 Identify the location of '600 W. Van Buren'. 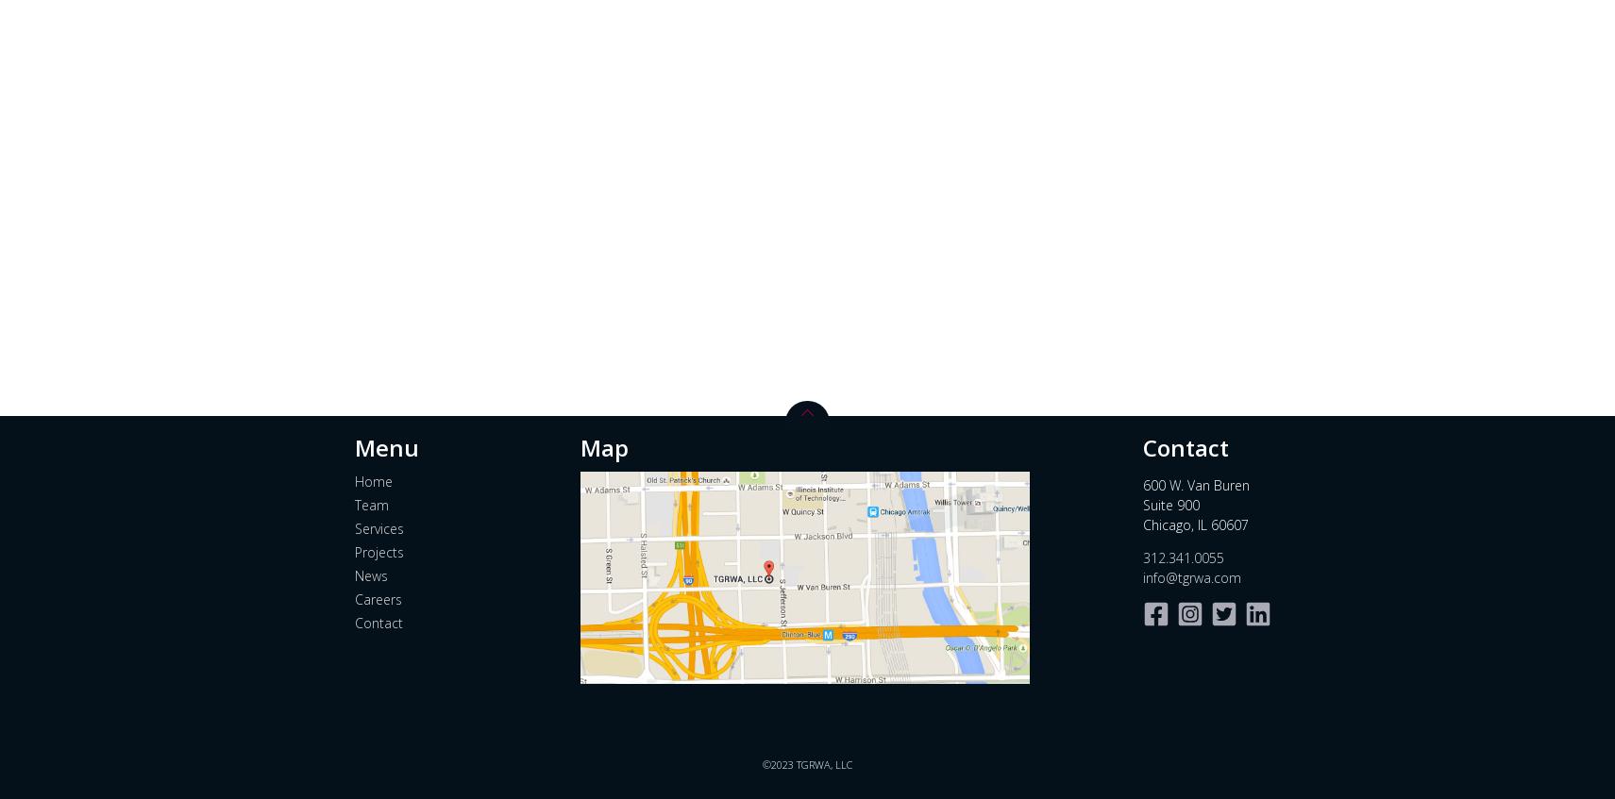
(1194, 483).